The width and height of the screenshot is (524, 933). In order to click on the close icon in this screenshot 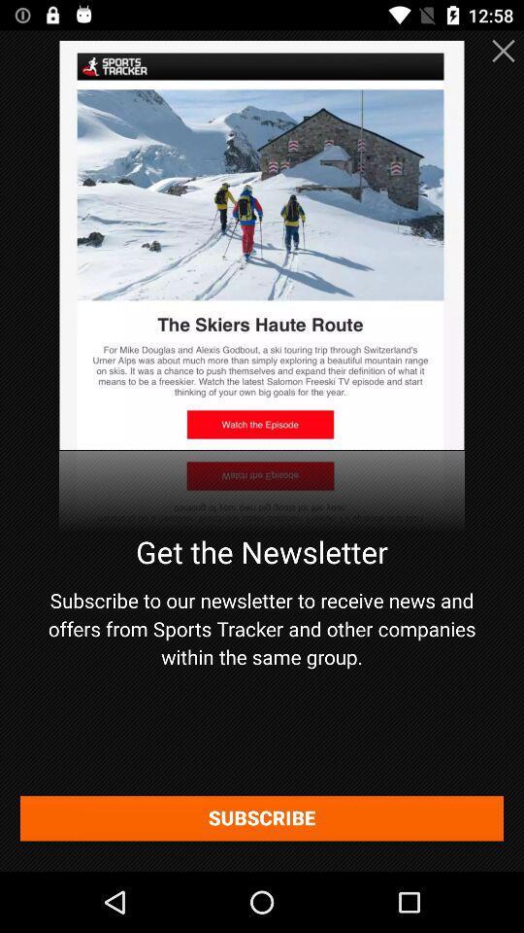, I will do `click(503, 50)`.